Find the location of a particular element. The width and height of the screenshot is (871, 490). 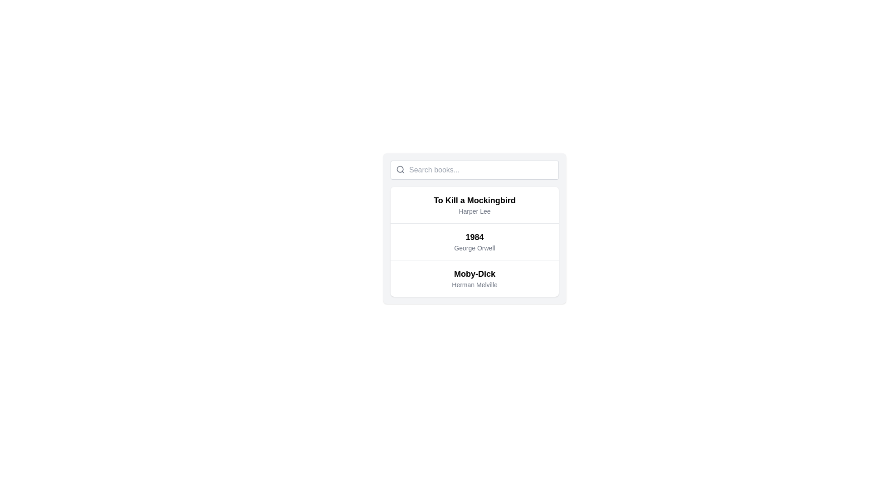

the second list item representing the book '1984' by George Orwell is located at coordinates (474, 228).